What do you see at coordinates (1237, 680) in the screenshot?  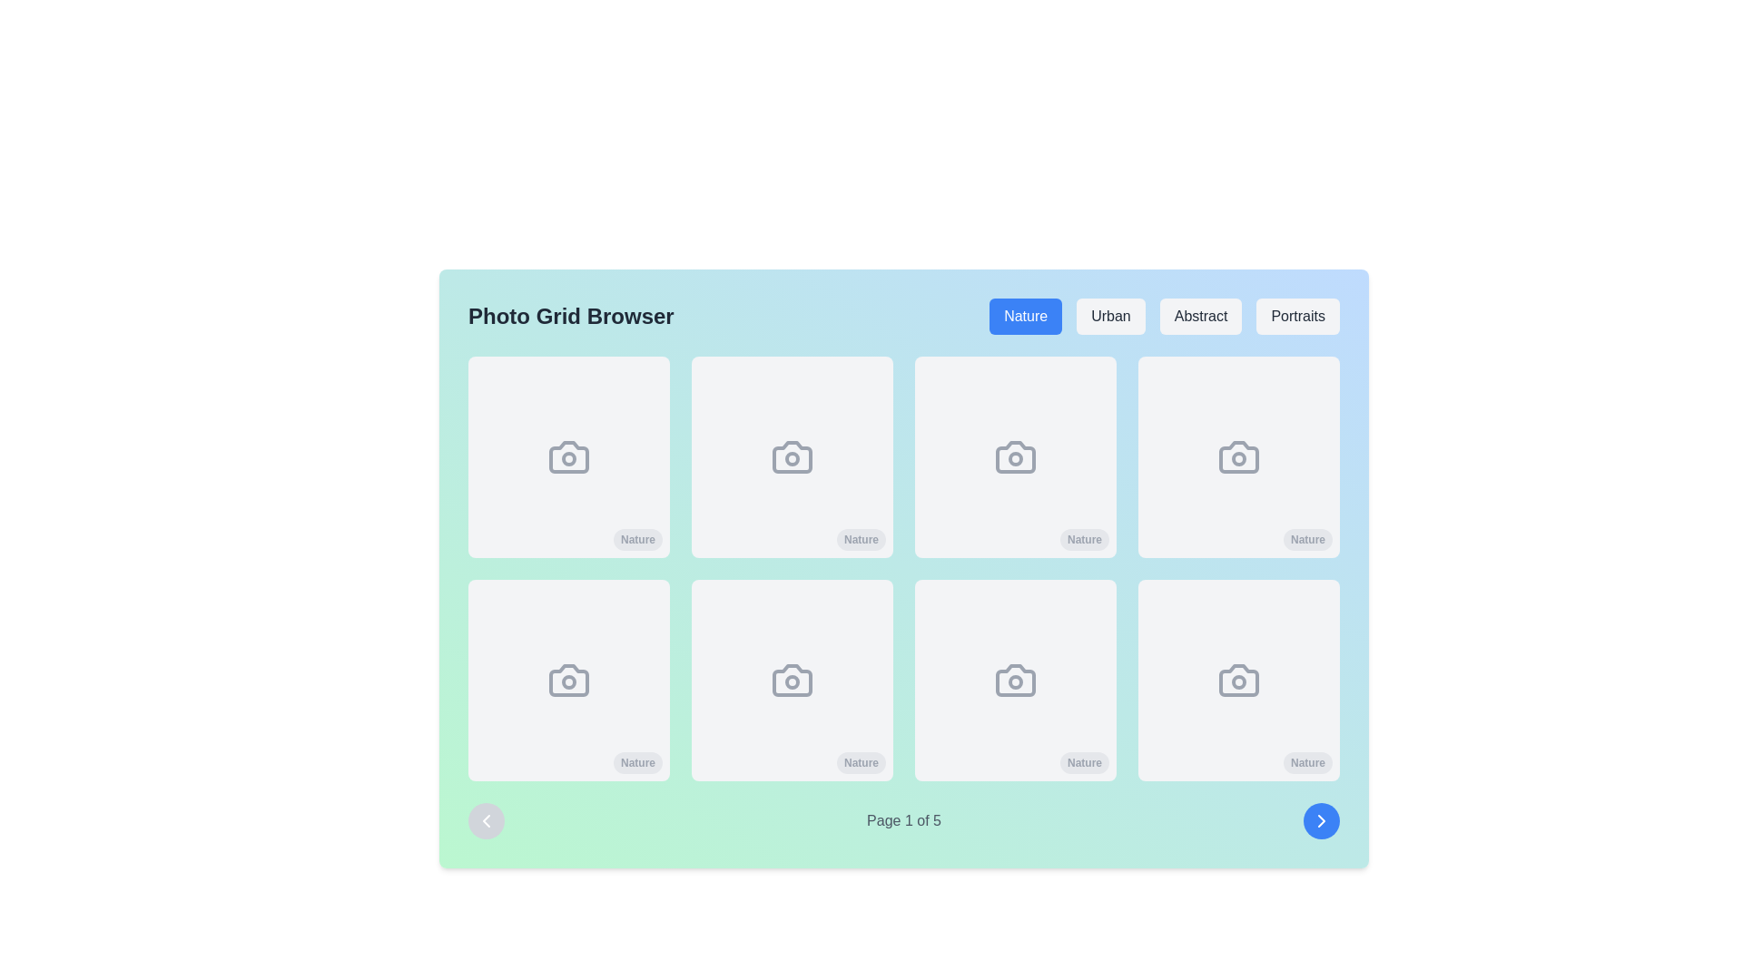 I see `the gray stylized camera icon located in the bottom-right square of a 4x2 grid, which has a light gray background and a 'Nature' label underneath` at bounding box center [1237, 680].